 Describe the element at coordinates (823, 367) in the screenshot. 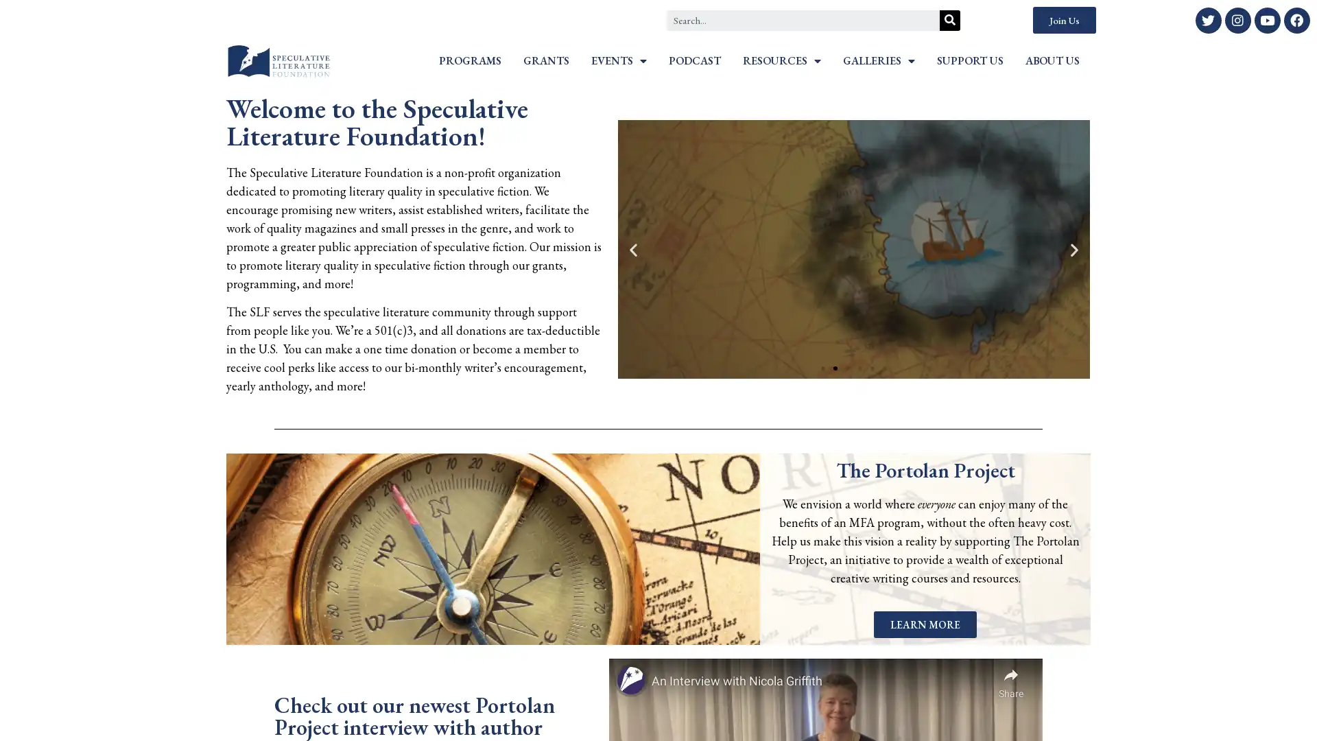

I see `Go to slide 1` at that location.